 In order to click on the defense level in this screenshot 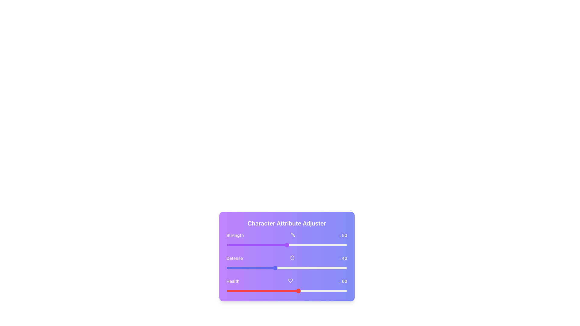, I will do `click(275, 267)`.